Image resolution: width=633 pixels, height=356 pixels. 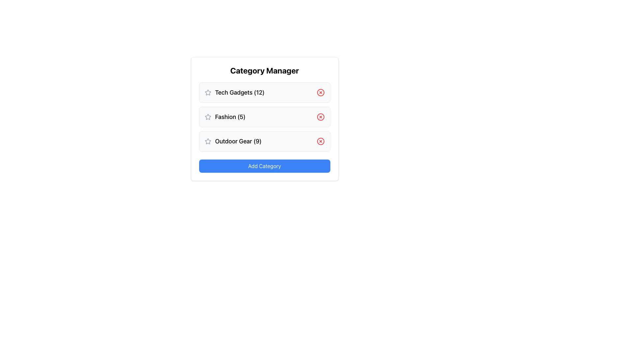 I want to click on the 'Tech Gadgets (12)' text label with an outlined star icon on its left, so click(x=234, y=93).